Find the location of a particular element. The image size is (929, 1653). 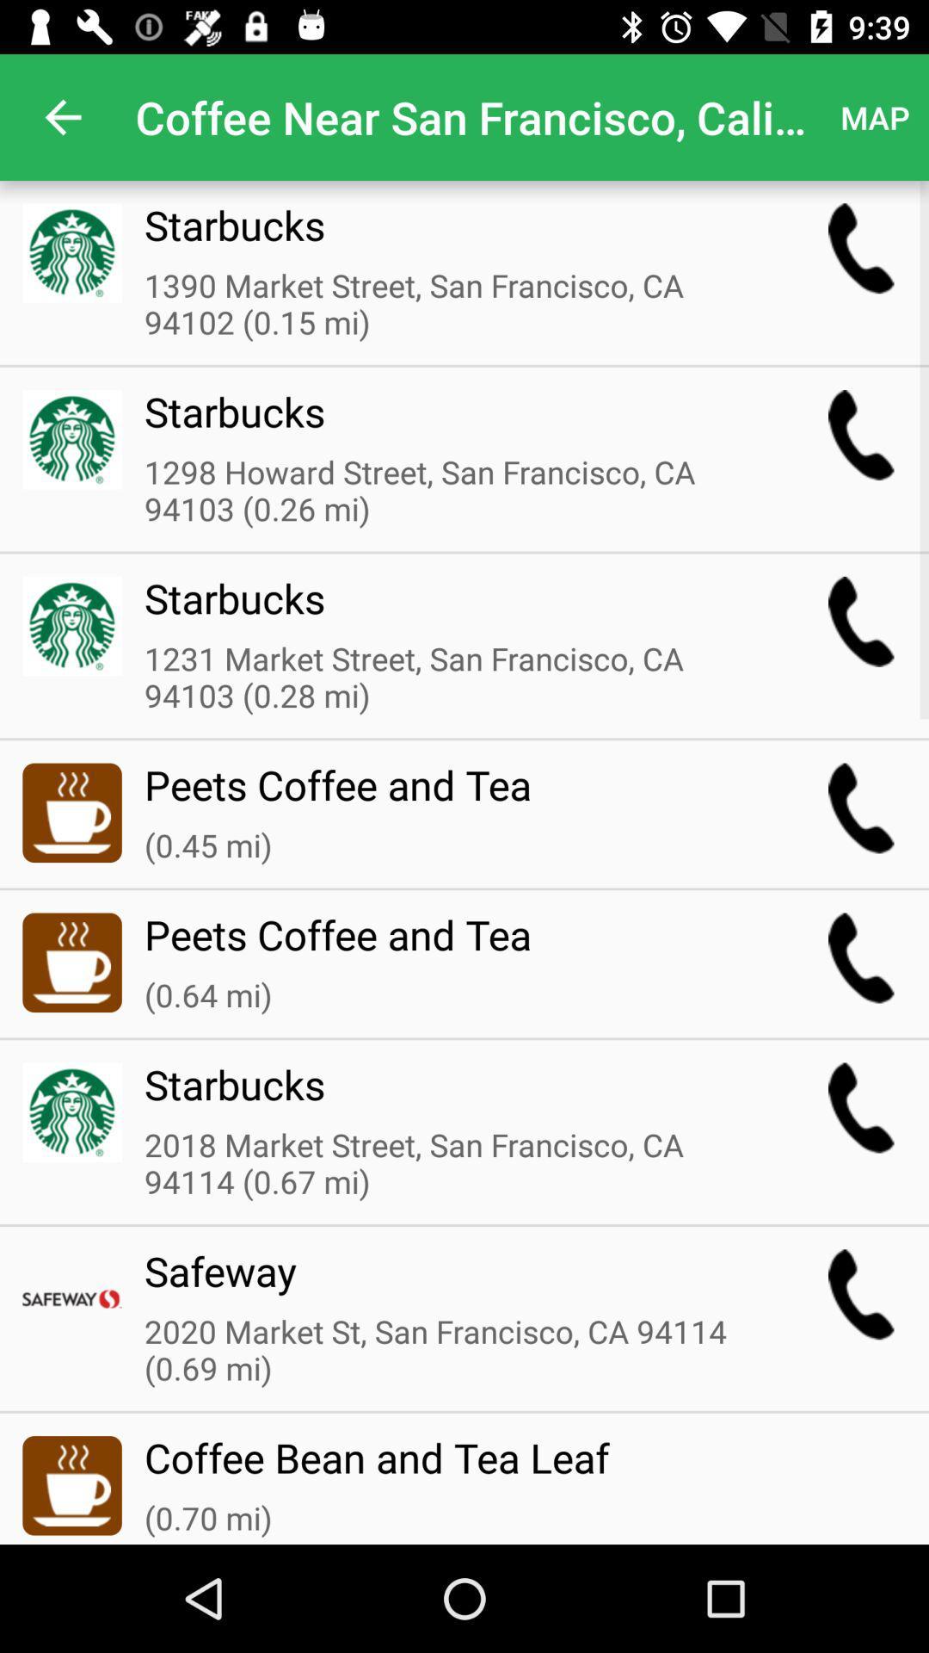

the icon above 2020 market st icon is located at coordinates (451, 1282).